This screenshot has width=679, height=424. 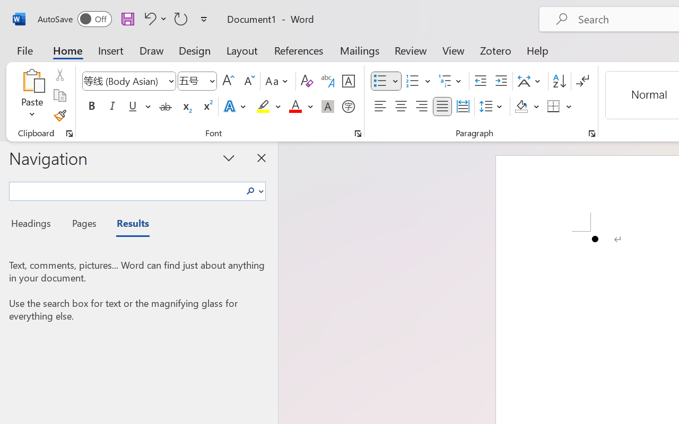 I want to click on 'Repeat Bullet Default', so click(x=181, y=18).